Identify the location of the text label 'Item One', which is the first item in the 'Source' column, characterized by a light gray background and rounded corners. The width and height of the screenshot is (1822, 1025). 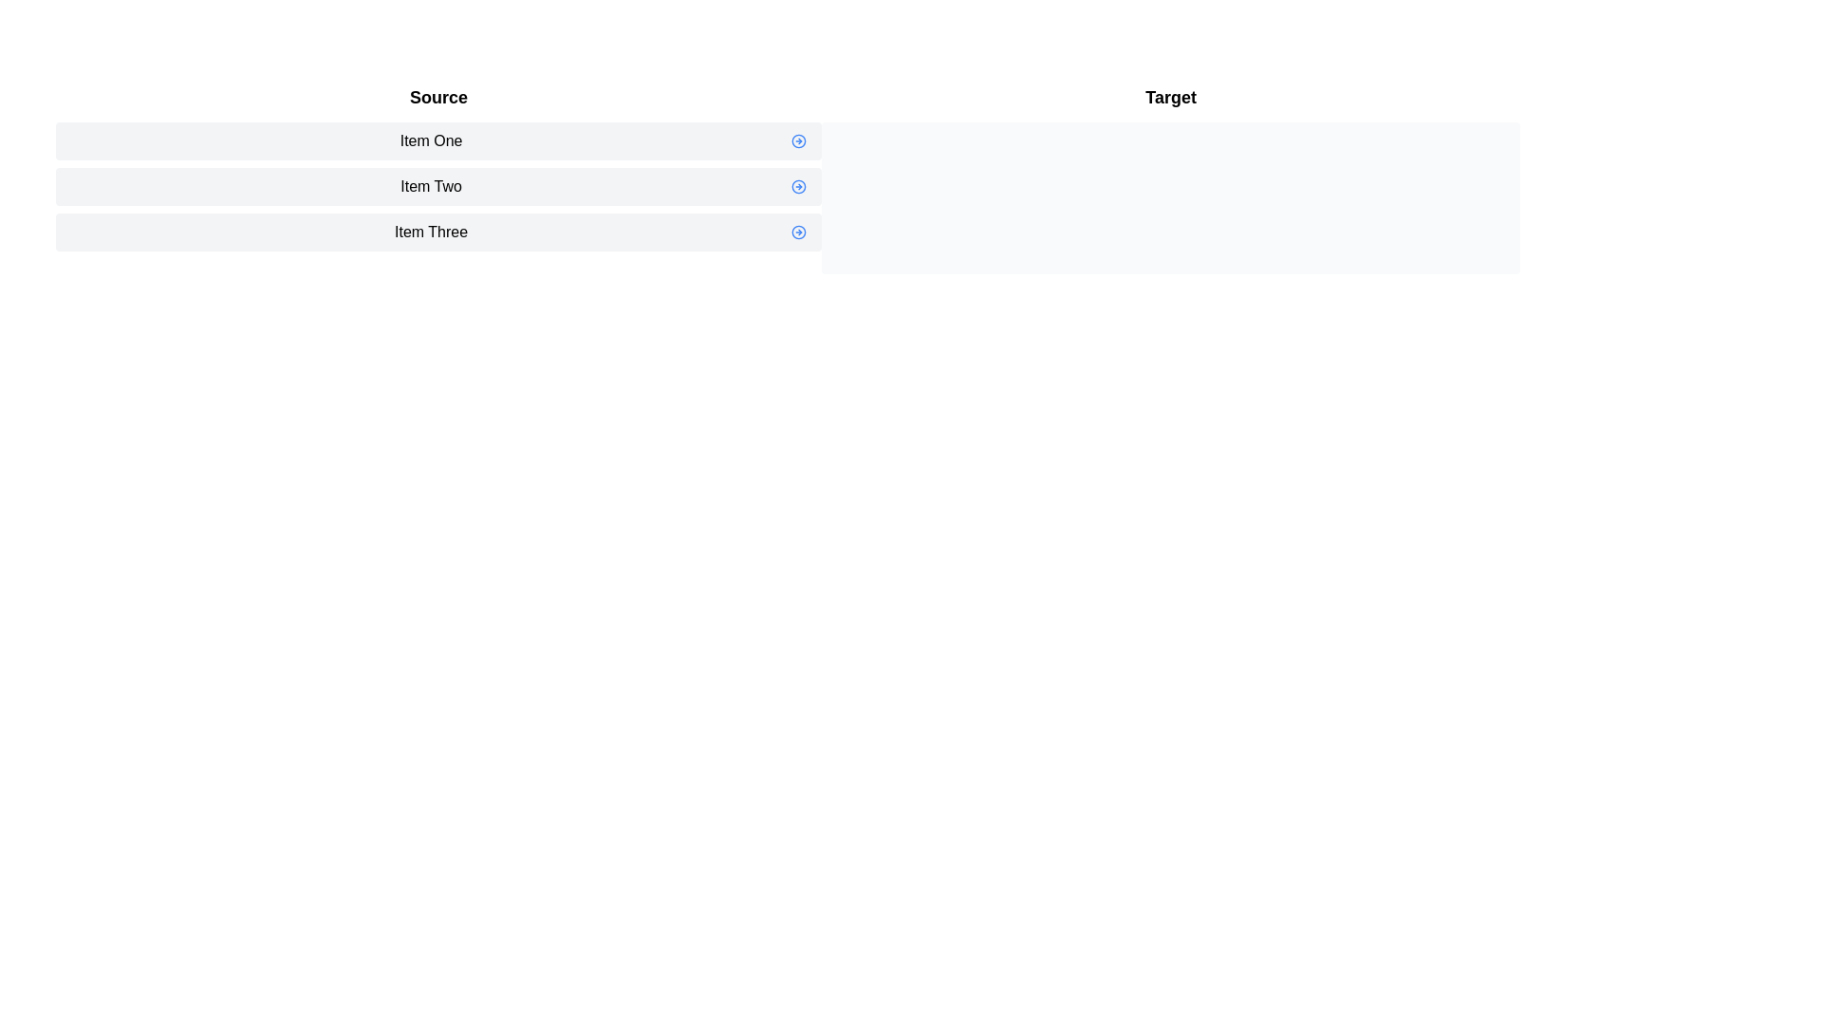
(437, 140).